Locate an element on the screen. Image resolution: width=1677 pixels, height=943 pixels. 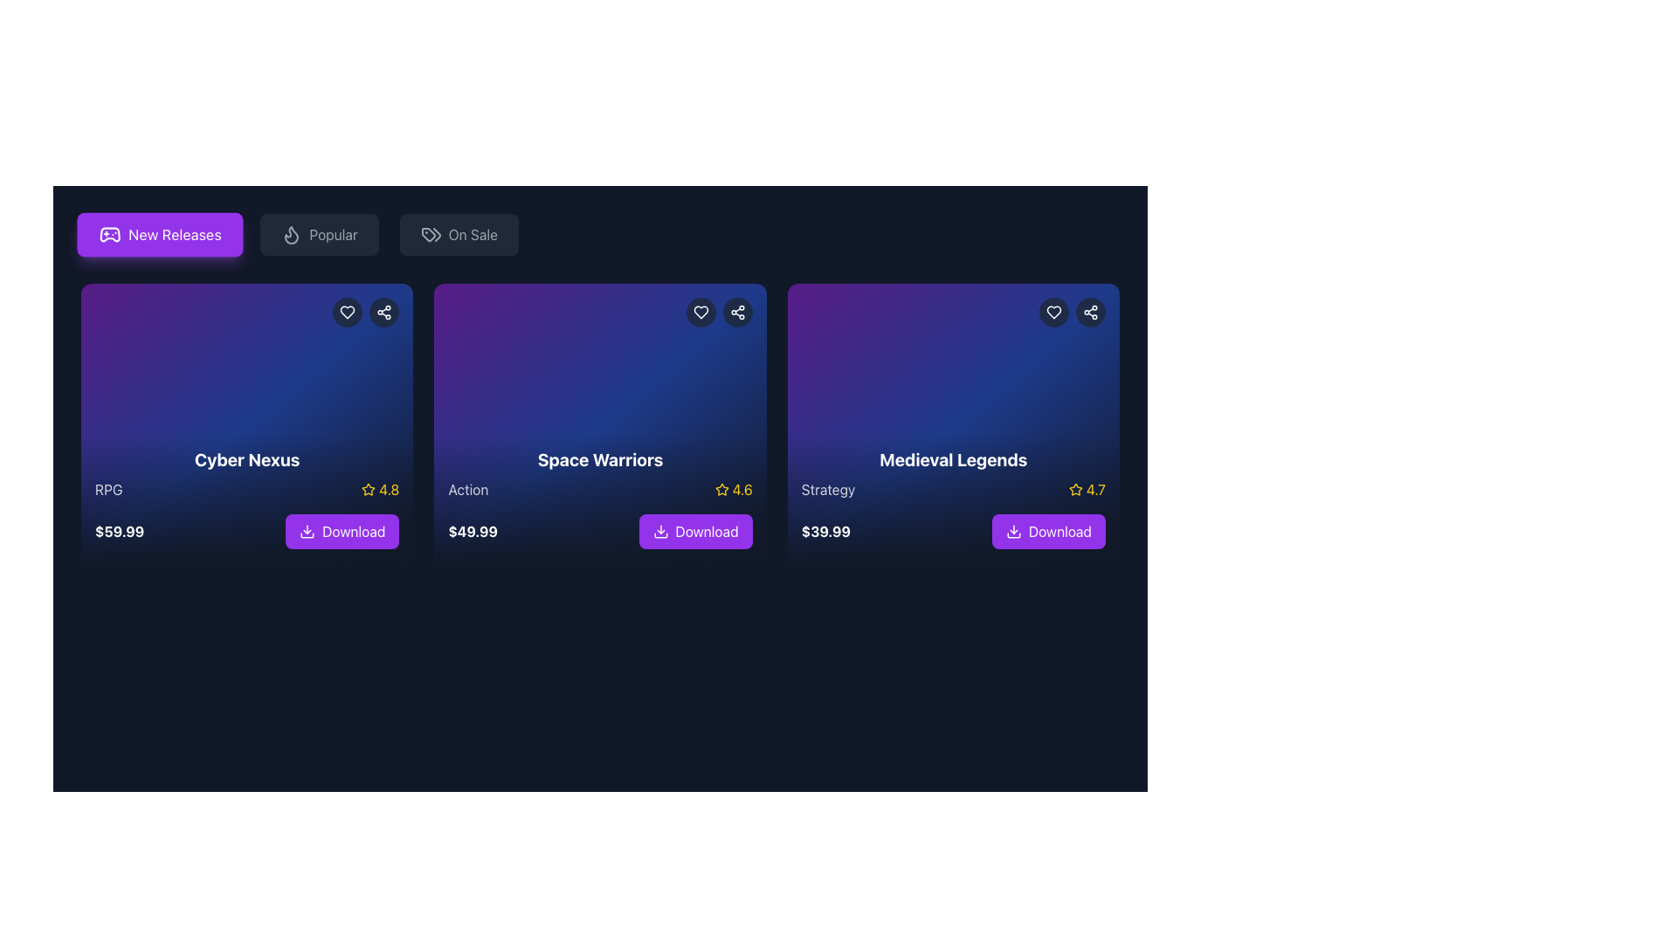
static text label displaying 'Strategy' which is located at the bottom of the 'Medieval Legends' card component is located at coordinates (827, 489).